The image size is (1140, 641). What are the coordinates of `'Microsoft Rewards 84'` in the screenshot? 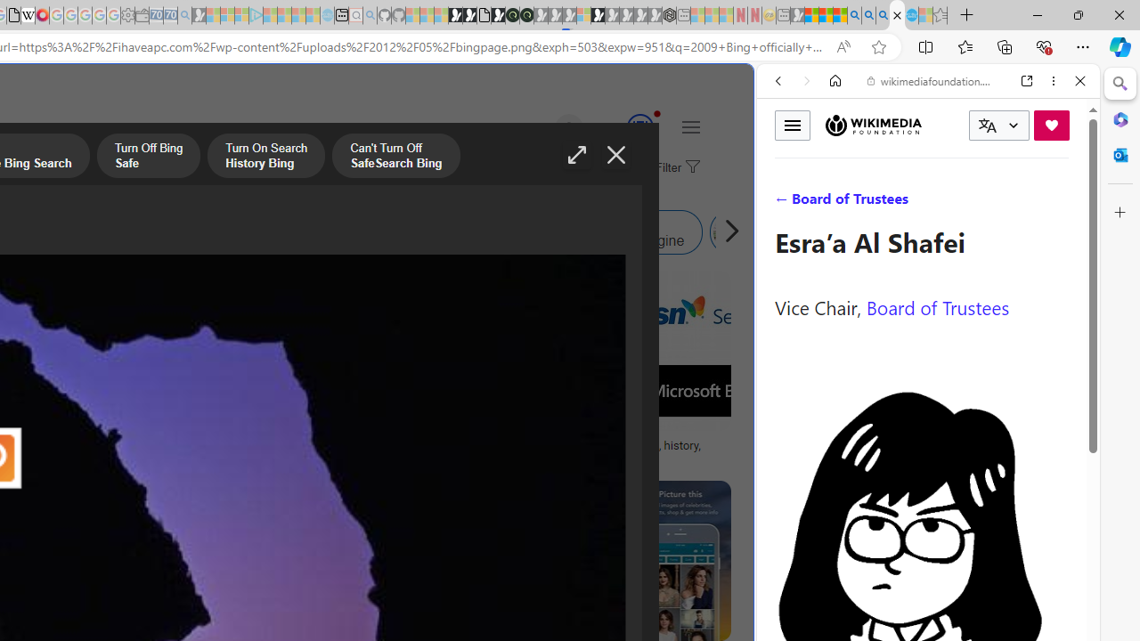 It's located at (623, 127).